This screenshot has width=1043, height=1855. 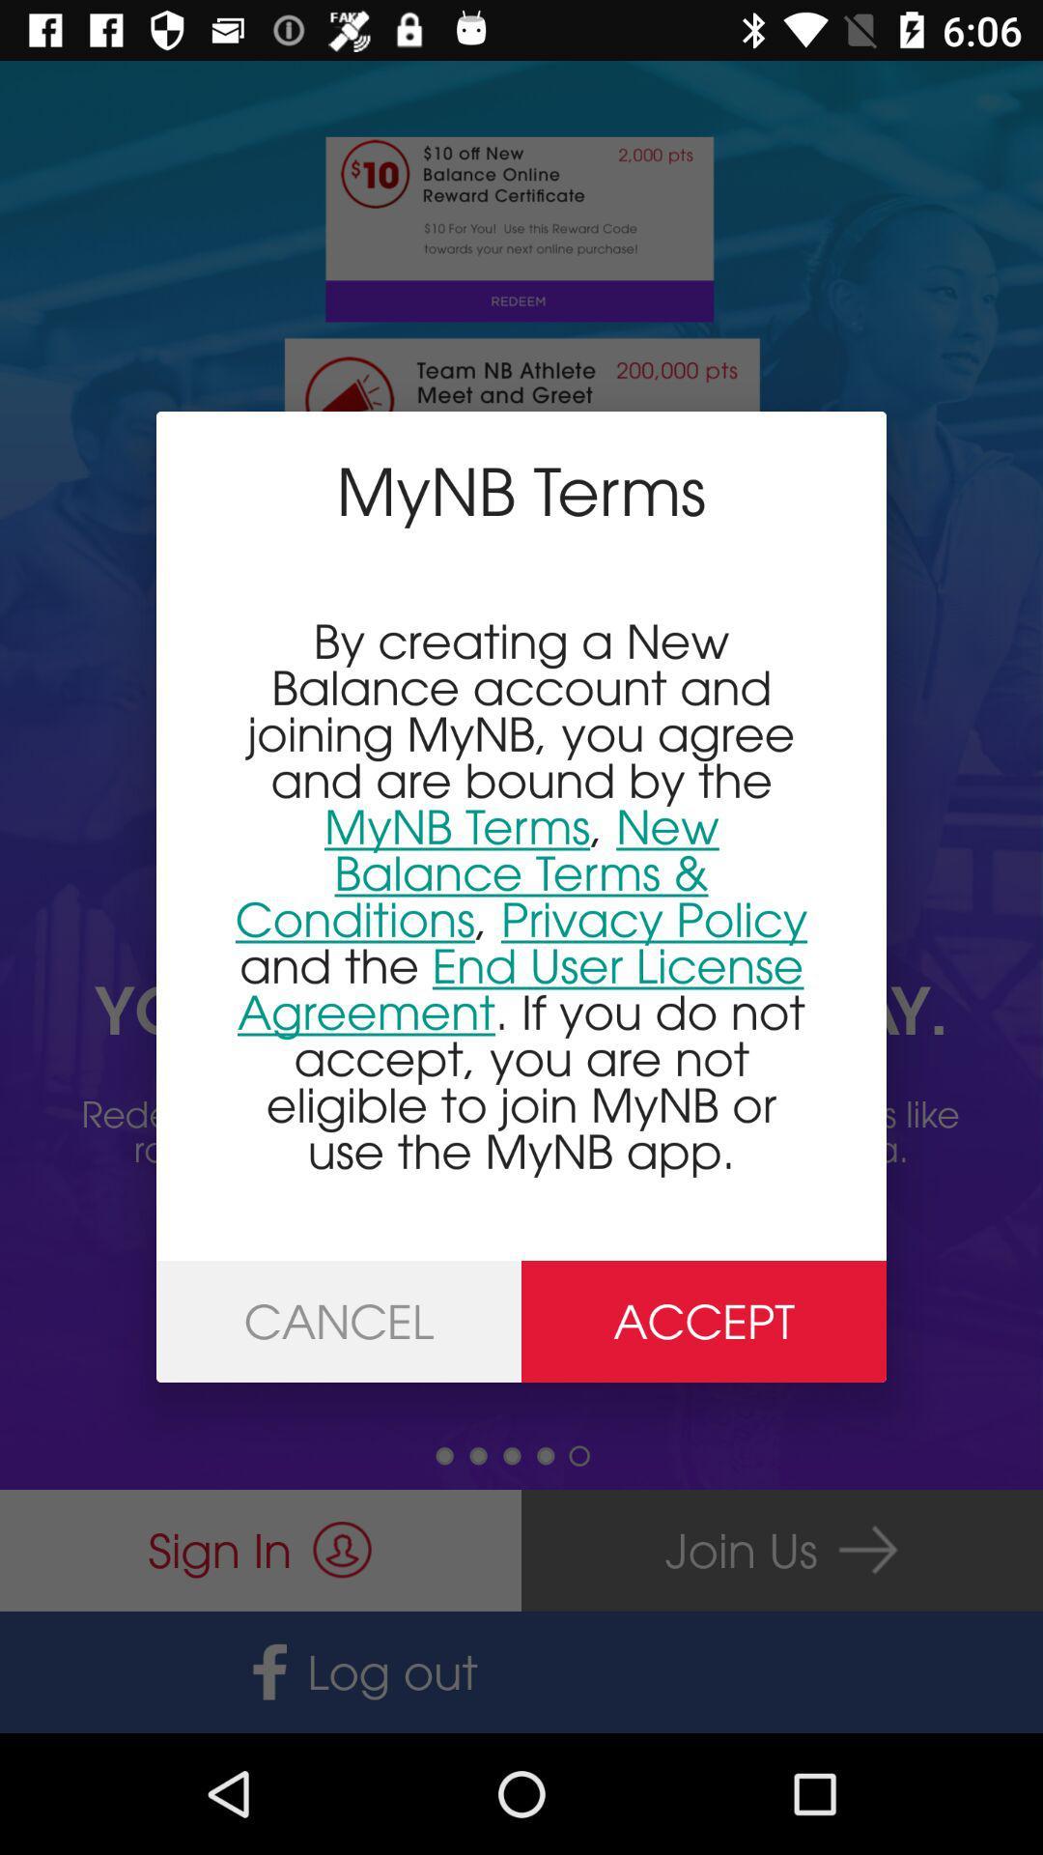 What do you see at coordinates (704, 1321) in the screenshot?
I see `item below by creating a` at bounding box center [704, 1321].